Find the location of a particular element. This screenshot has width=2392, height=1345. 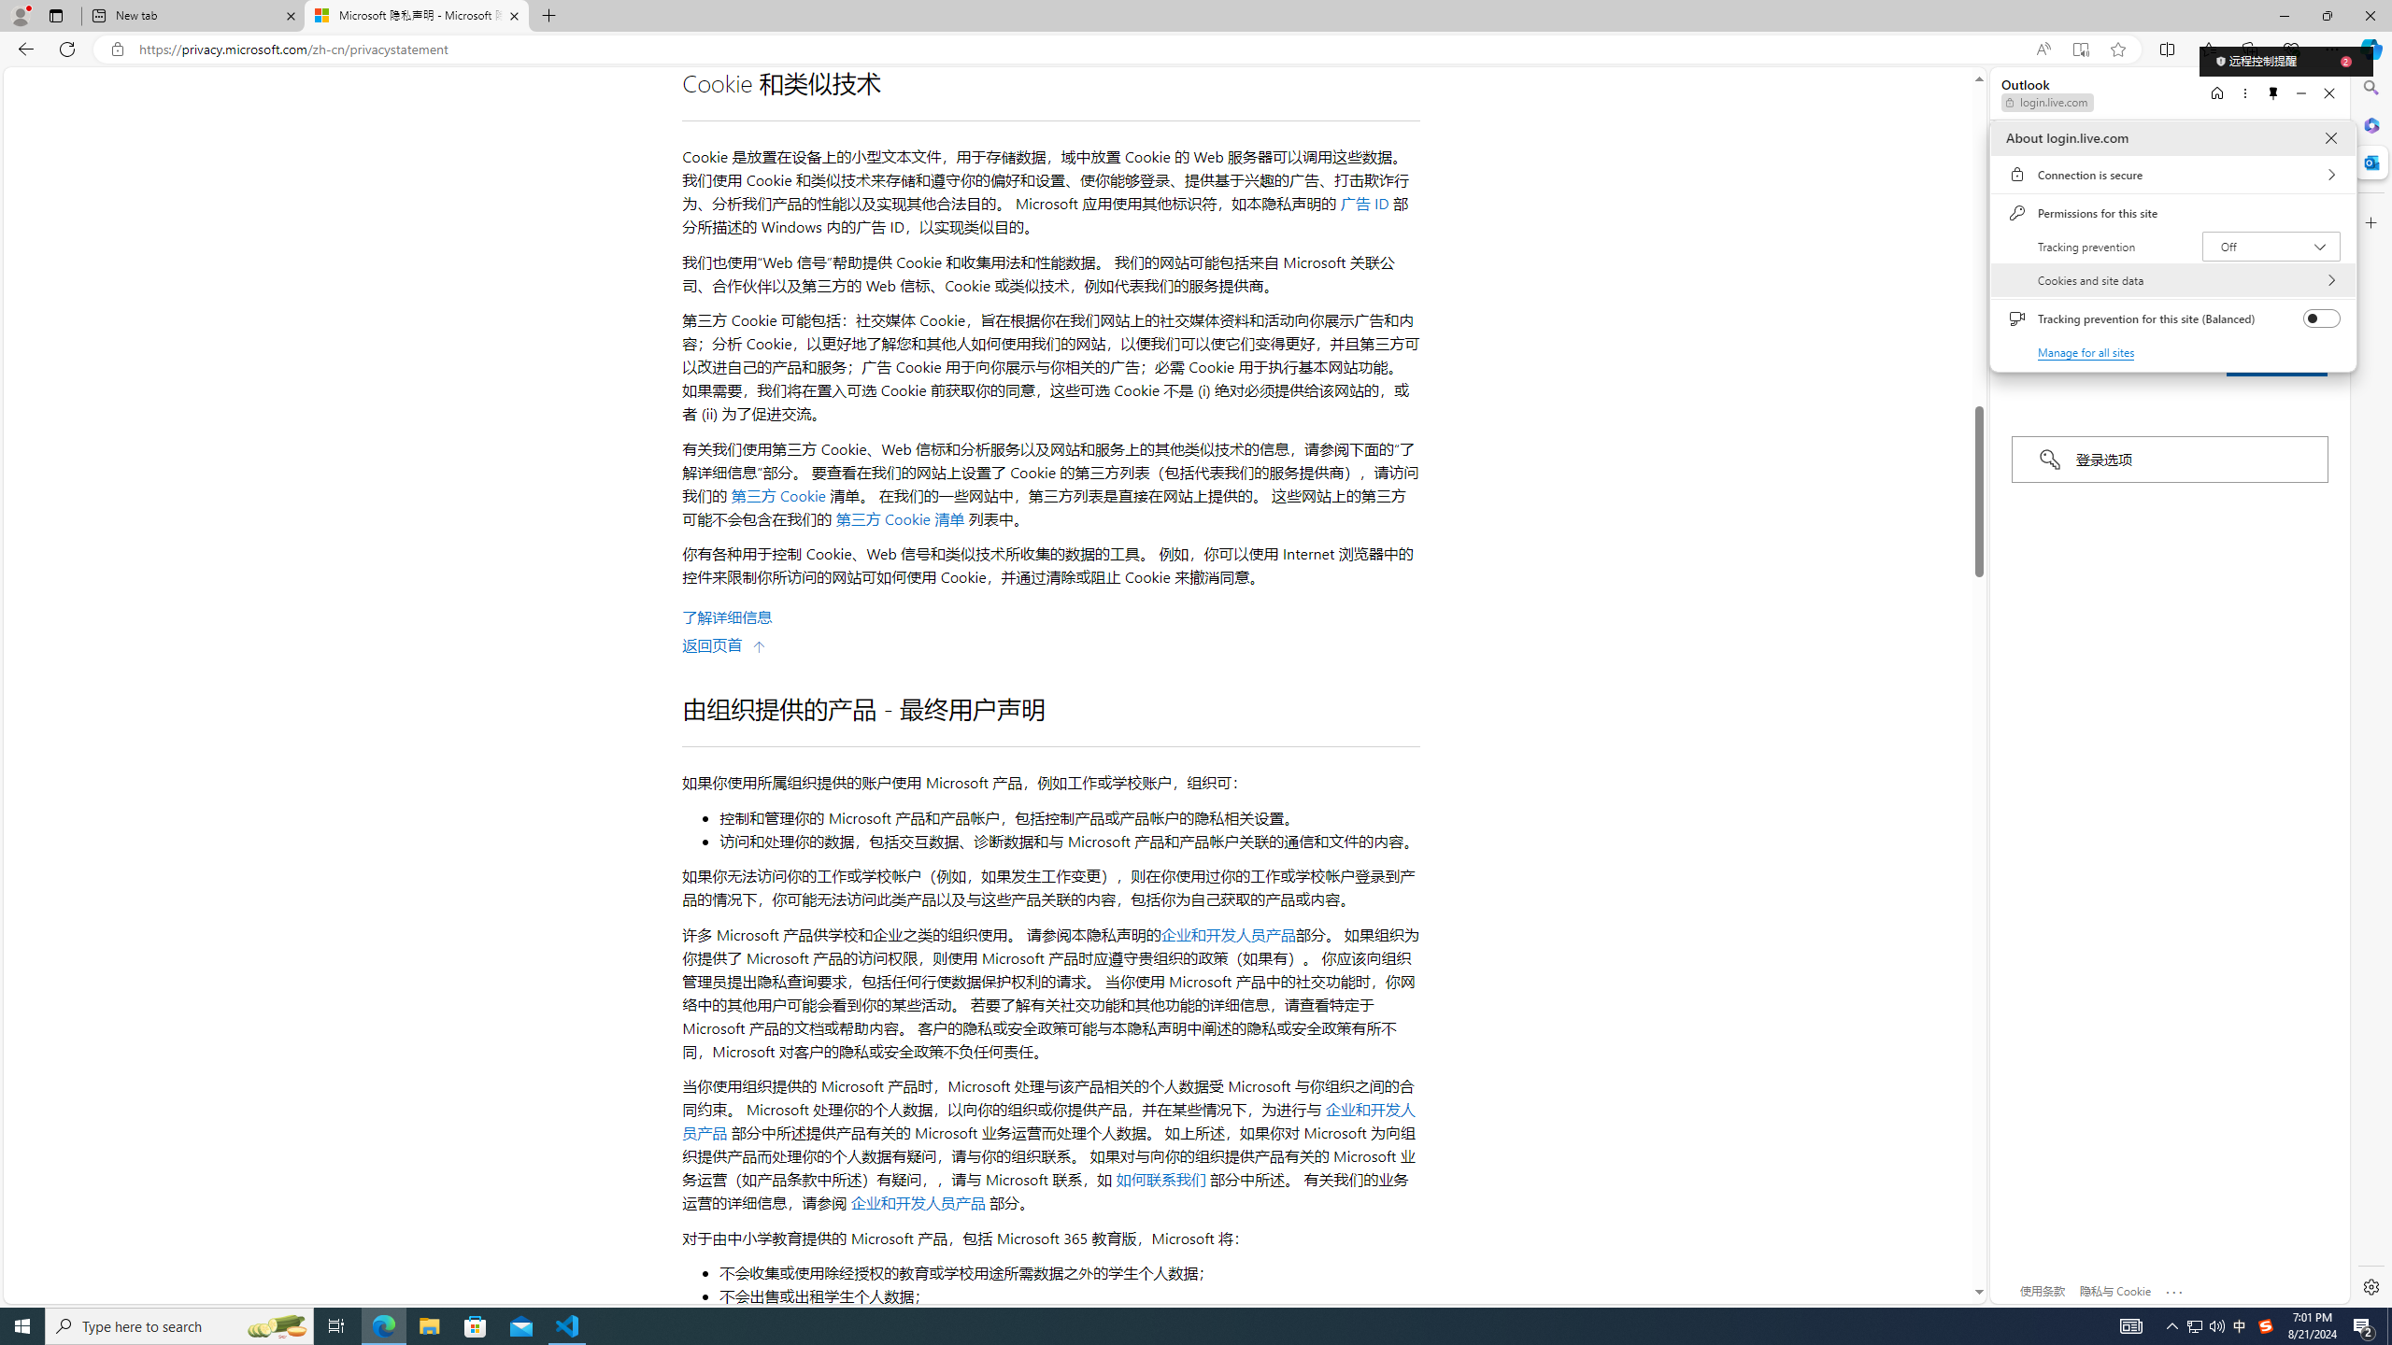

'Manage for all sites' is located at coordinates (2086, 351).